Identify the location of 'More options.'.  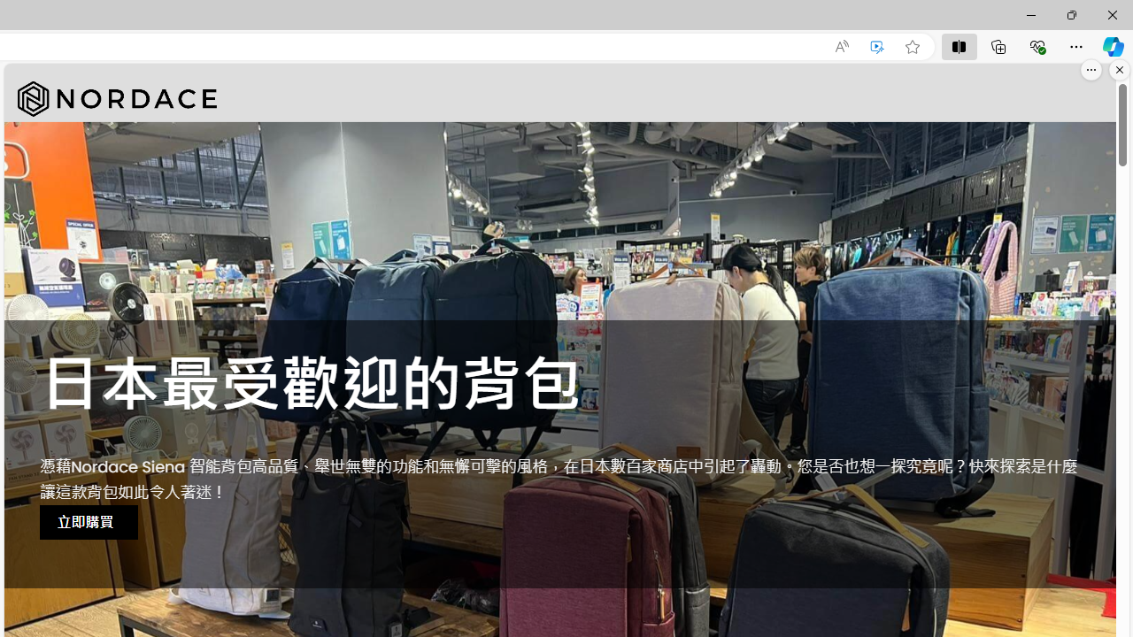
(1091, 69).